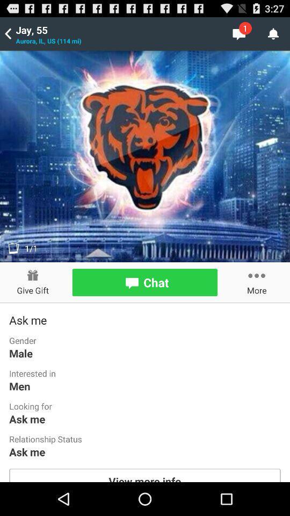 This screenshot has width=290, height=516. I want to click on chat, so click(144, 282).